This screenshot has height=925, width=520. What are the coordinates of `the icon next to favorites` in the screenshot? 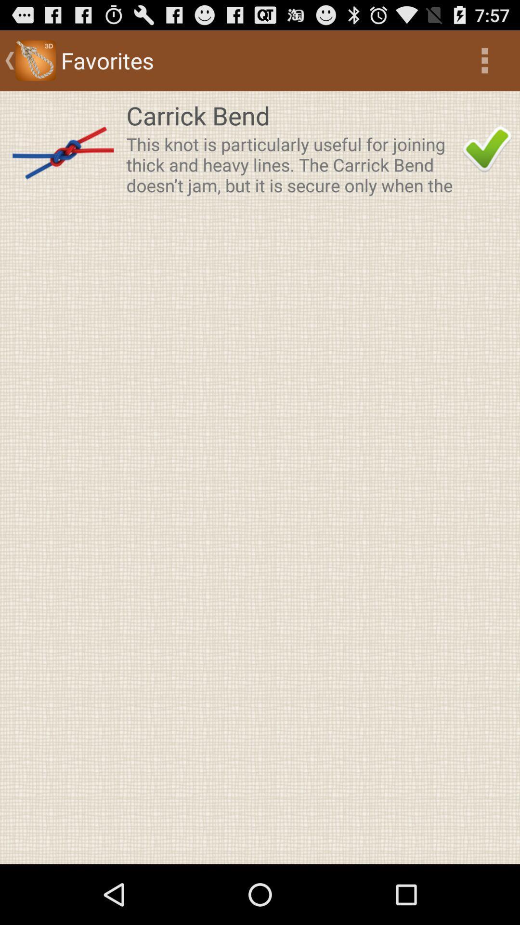 It's located at (484, 60).